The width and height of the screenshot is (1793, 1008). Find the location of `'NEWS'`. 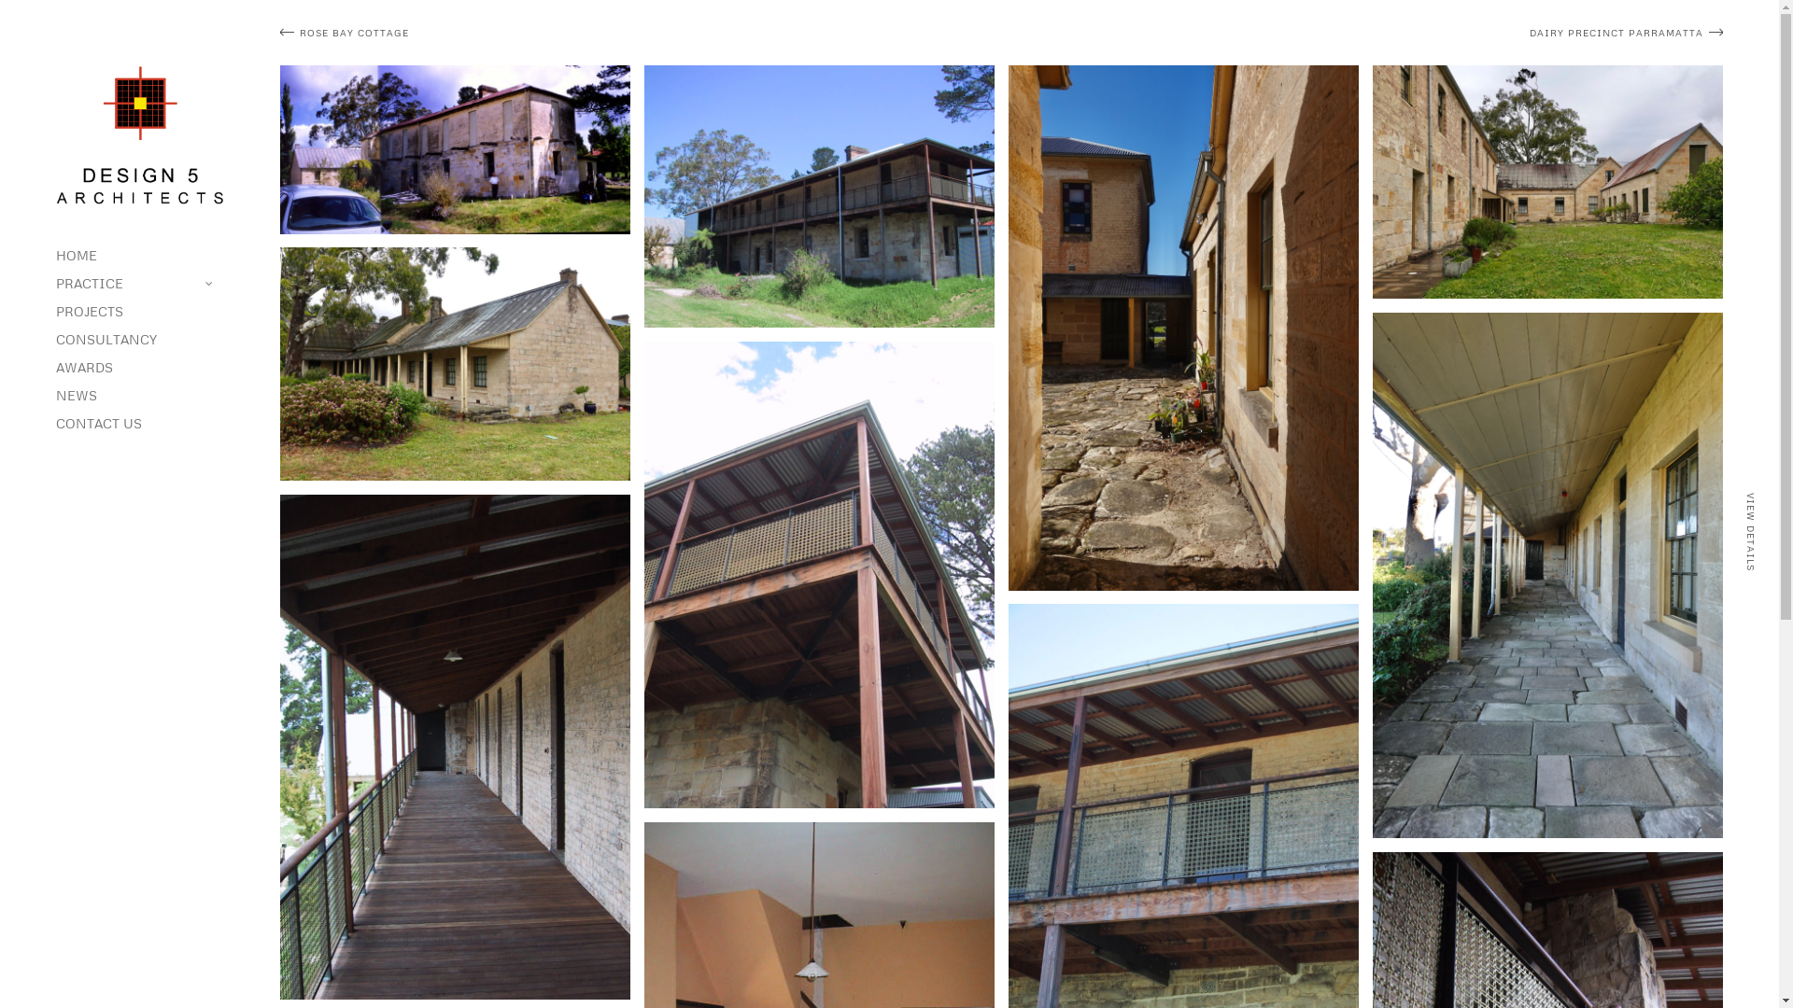

'NEWS' is located at coordinates (55, 395).